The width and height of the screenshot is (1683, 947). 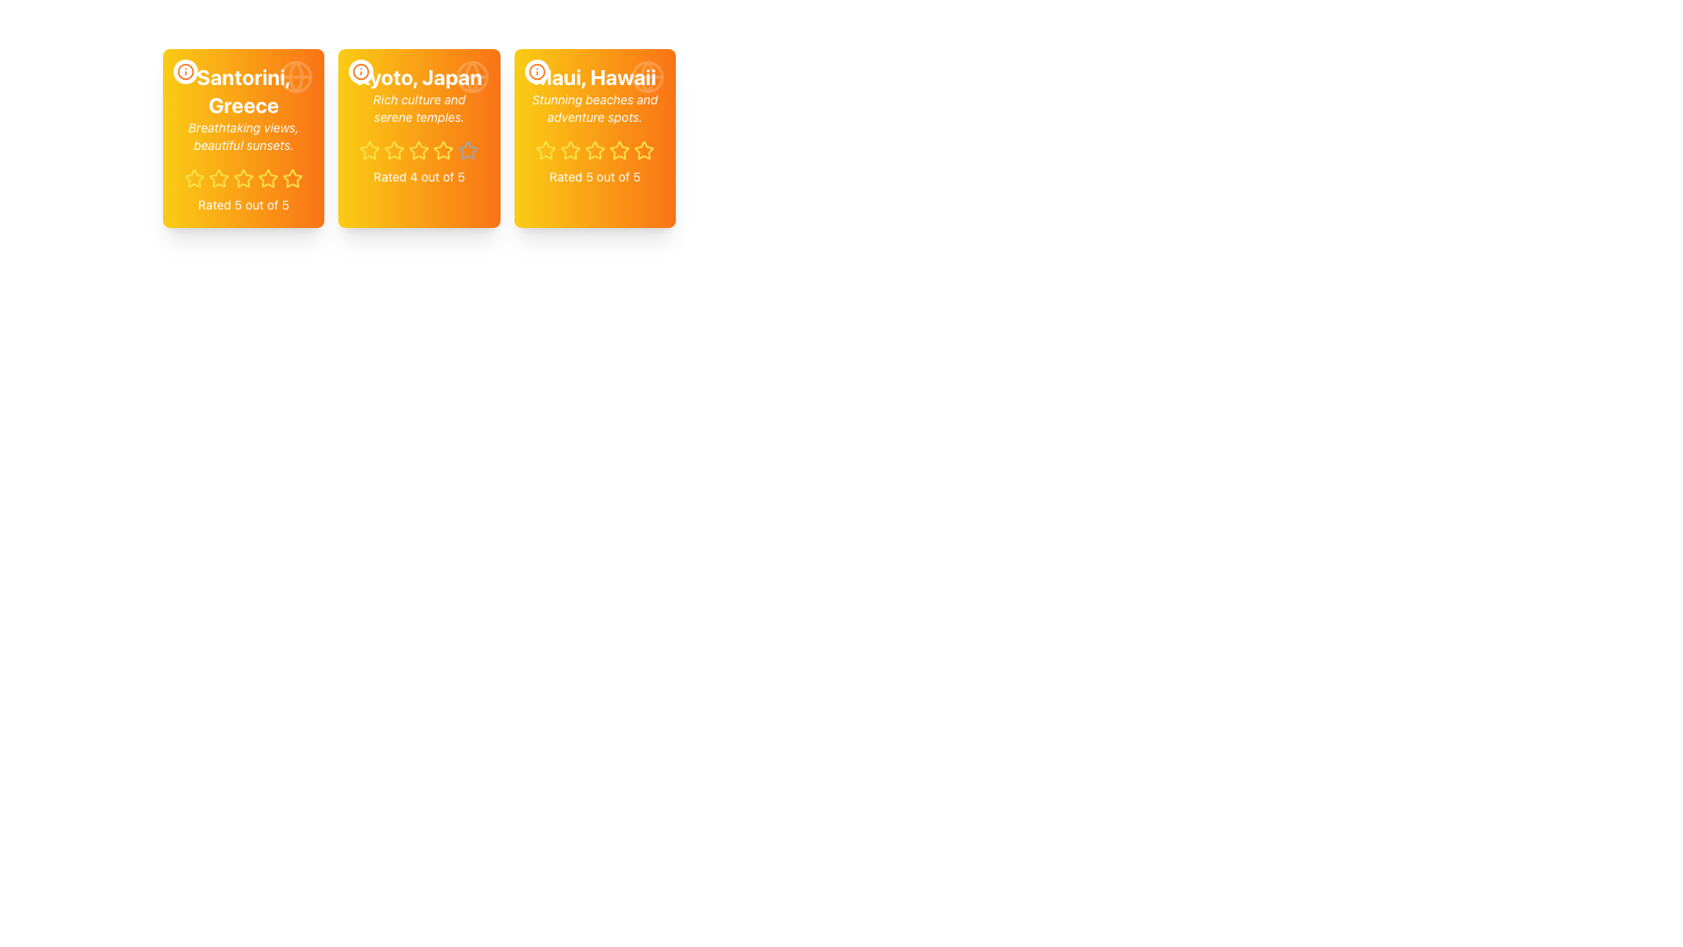 I want to click on the bold, large white text element stating 'Santorini, Greece' which is prominently displayed against an orange-yellow gradient background, positioned at the top of its card, so click(x=243, y=91).